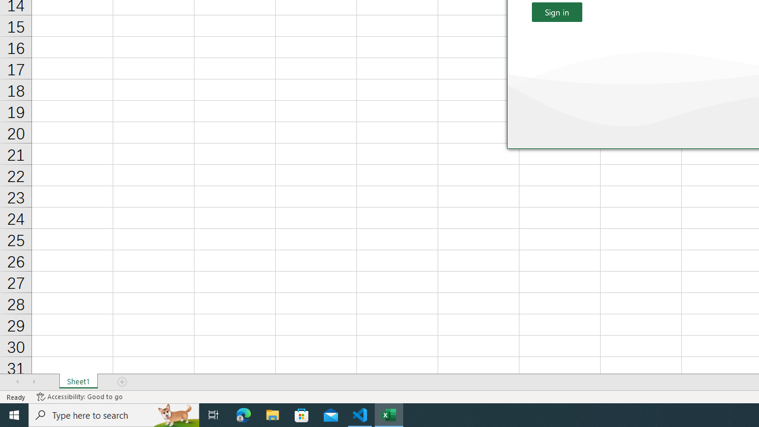 The height and width of the screenshot is (427, 759). What do you see at coordinates (78, 382) in the screenshot?
I see `'Sheet1'` at bounding box center [78, 382].